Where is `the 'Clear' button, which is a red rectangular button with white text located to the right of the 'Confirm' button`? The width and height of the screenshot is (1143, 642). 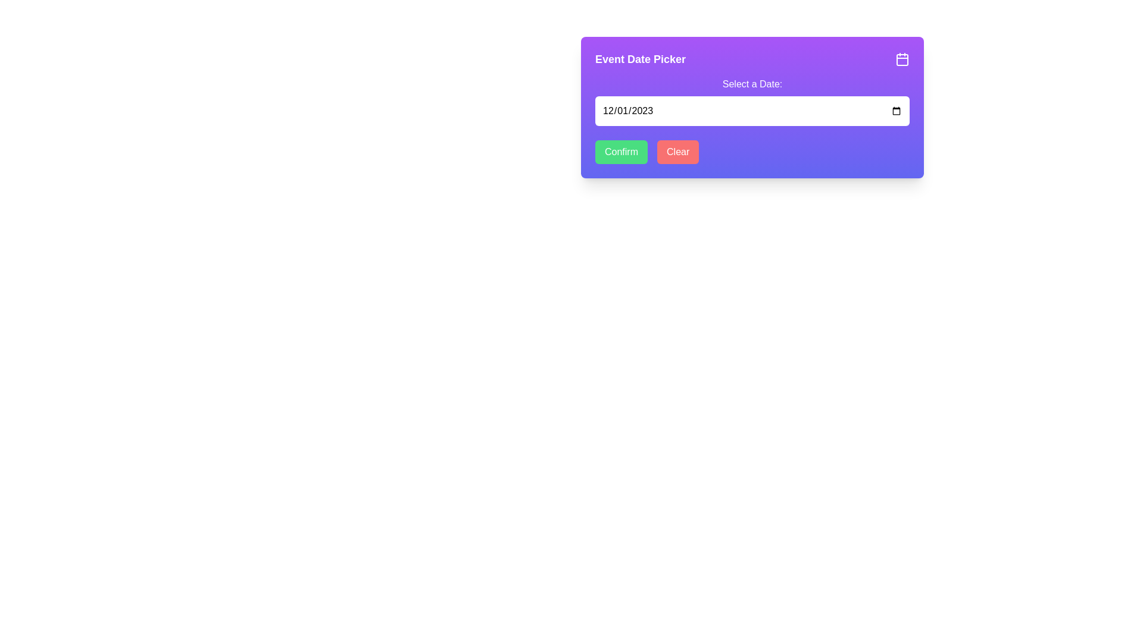
the 'Clear' button, which is a red rectangular button with white text located to the right of the 'Confirm' button is located at coordinates (678, 151).